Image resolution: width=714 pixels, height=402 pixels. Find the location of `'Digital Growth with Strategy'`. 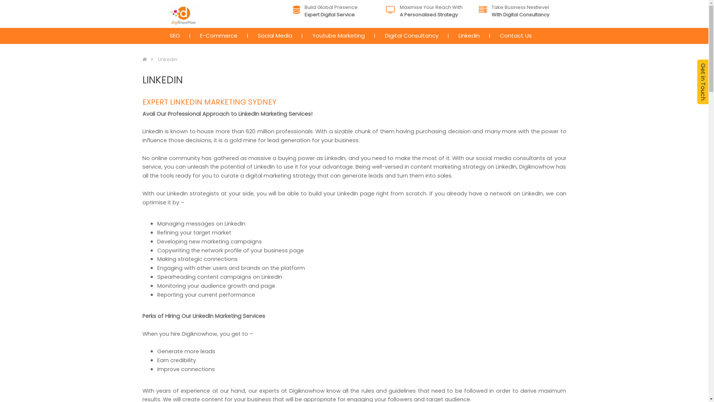

'Digital Growth with Strategy' is located at coordinates (183, 16).